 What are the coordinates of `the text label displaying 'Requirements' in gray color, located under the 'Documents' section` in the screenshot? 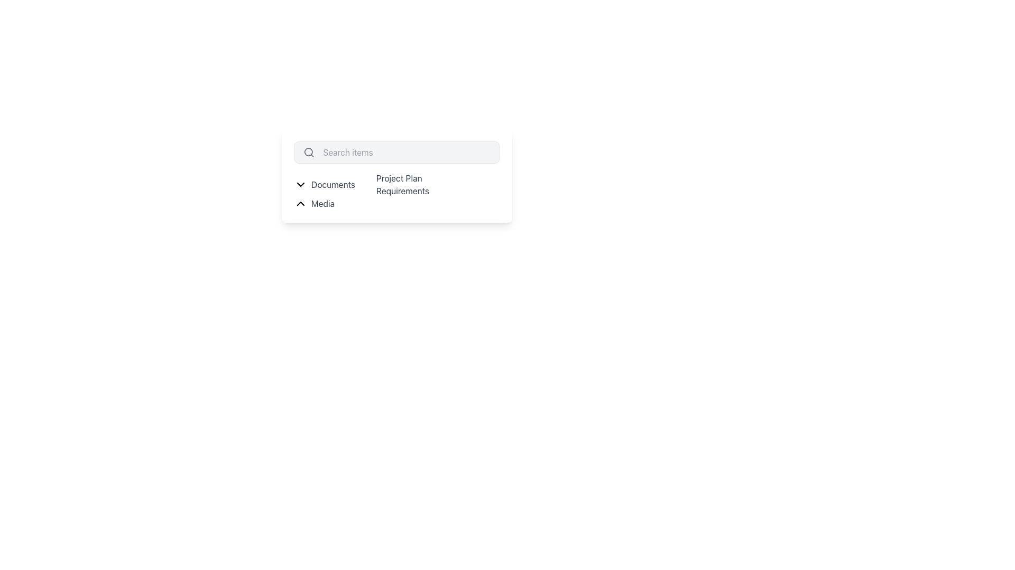 It's located at (402, 191).